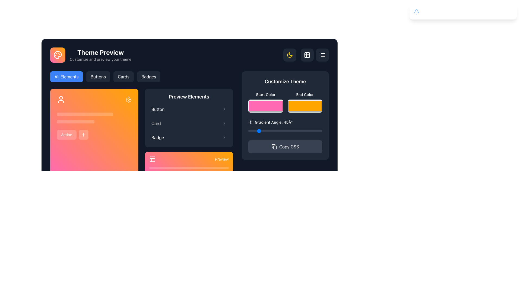  I want to click on the 'Copy CSS' button with a dark gray background and rounded corners, located in the 'Customize Theme' section, so click(289, 146).